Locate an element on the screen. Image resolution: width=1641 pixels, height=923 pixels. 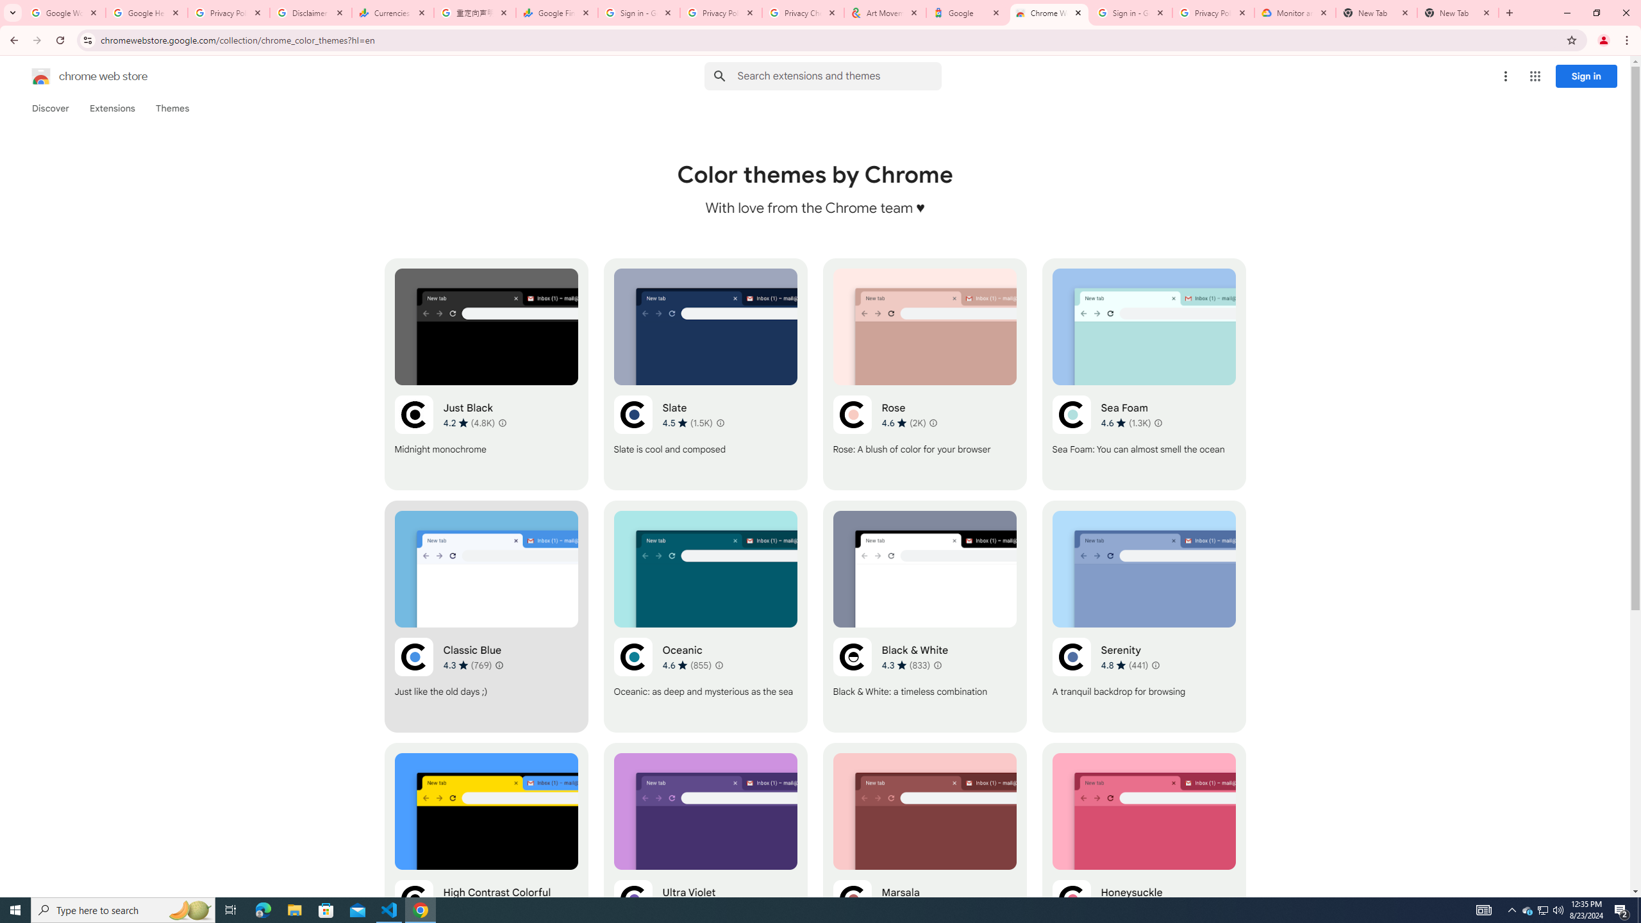
'Sign in' is located at coordinates (1586, 76).